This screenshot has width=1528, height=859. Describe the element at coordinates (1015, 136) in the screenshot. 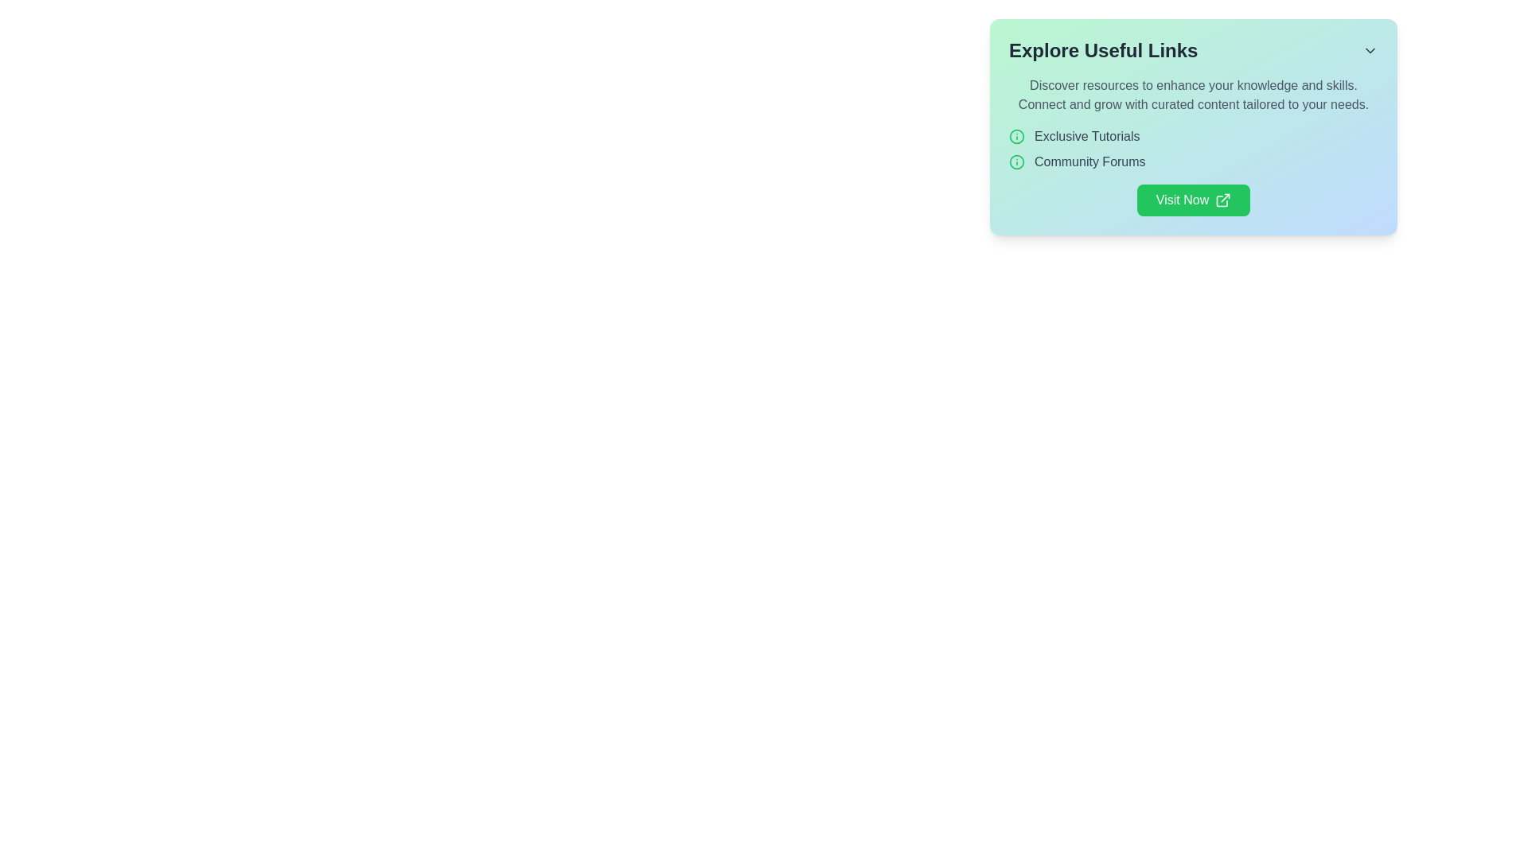

I see `the circular icon with a green outline and an exclamation mark, located to the left of the 'Exclusive Tutorials' text and above the 'Community Forums' text` at that location.